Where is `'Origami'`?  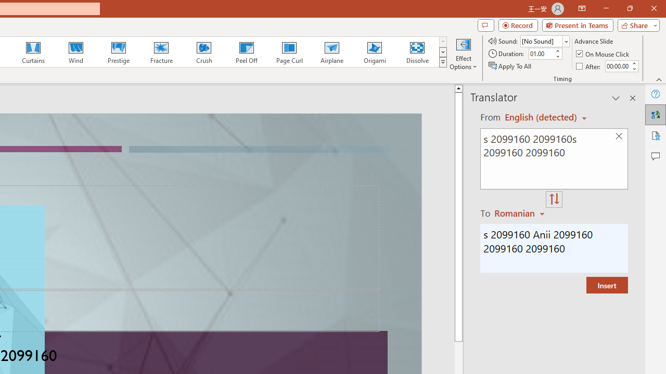 'Origami' is located at coordinates (375, 52).